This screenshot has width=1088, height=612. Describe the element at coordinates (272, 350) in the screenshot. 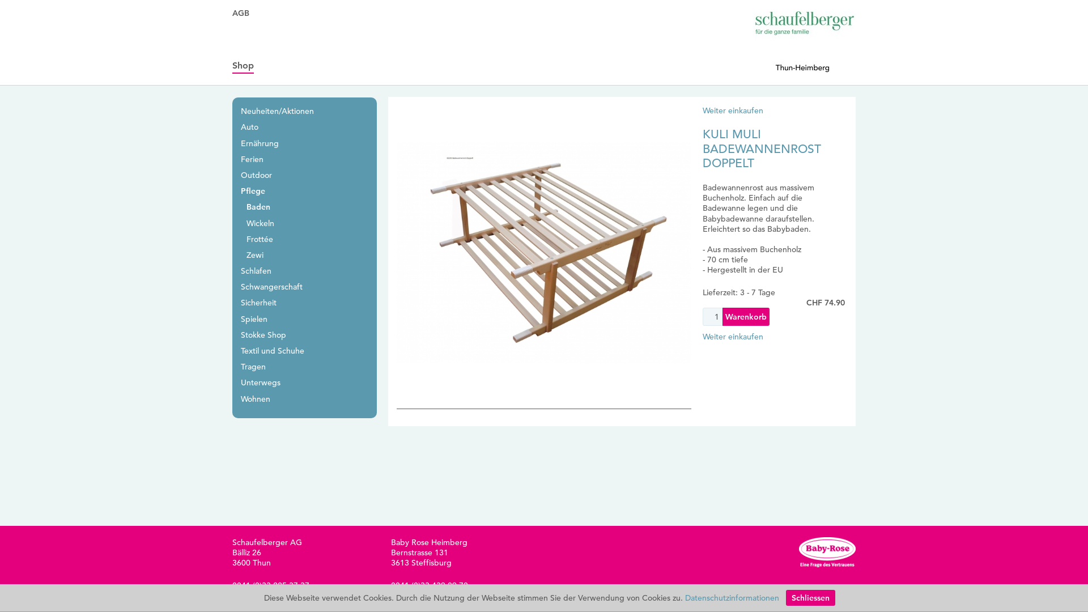

I see `'Textil und Schuhe'` at that location.